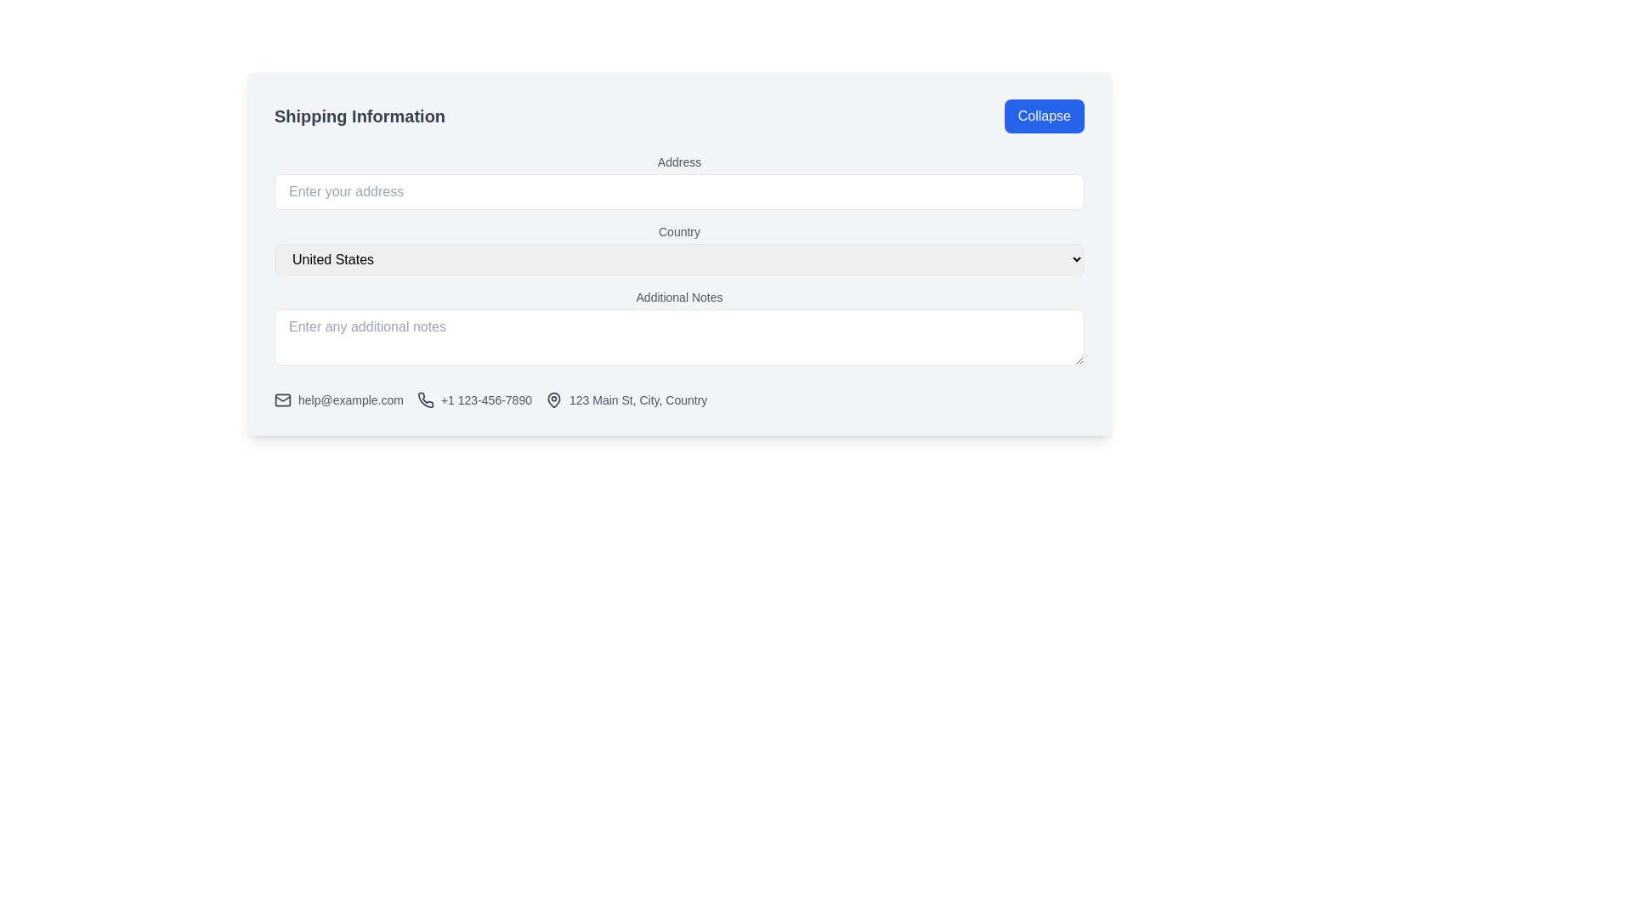 The height and width of the screenshot is (918, 1632). Describe the element at coordinates (1043, 116) in the screenshot. I see `the button located at the top-right corner of the 'Shipping Information' section` at that location.